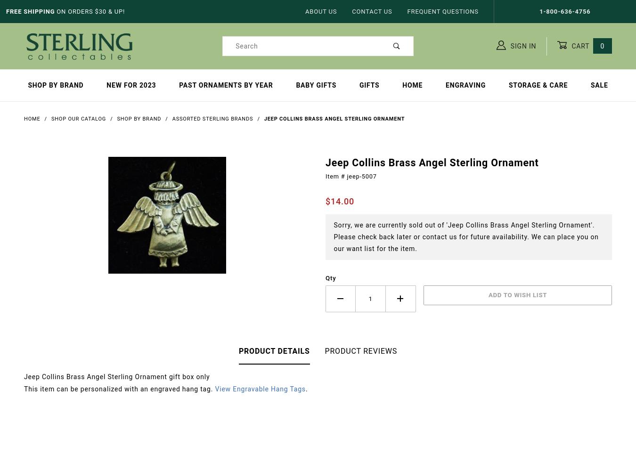  Describe the element at coordinates (580, 45) in the screenshot. I see `'Cart'` at that location.